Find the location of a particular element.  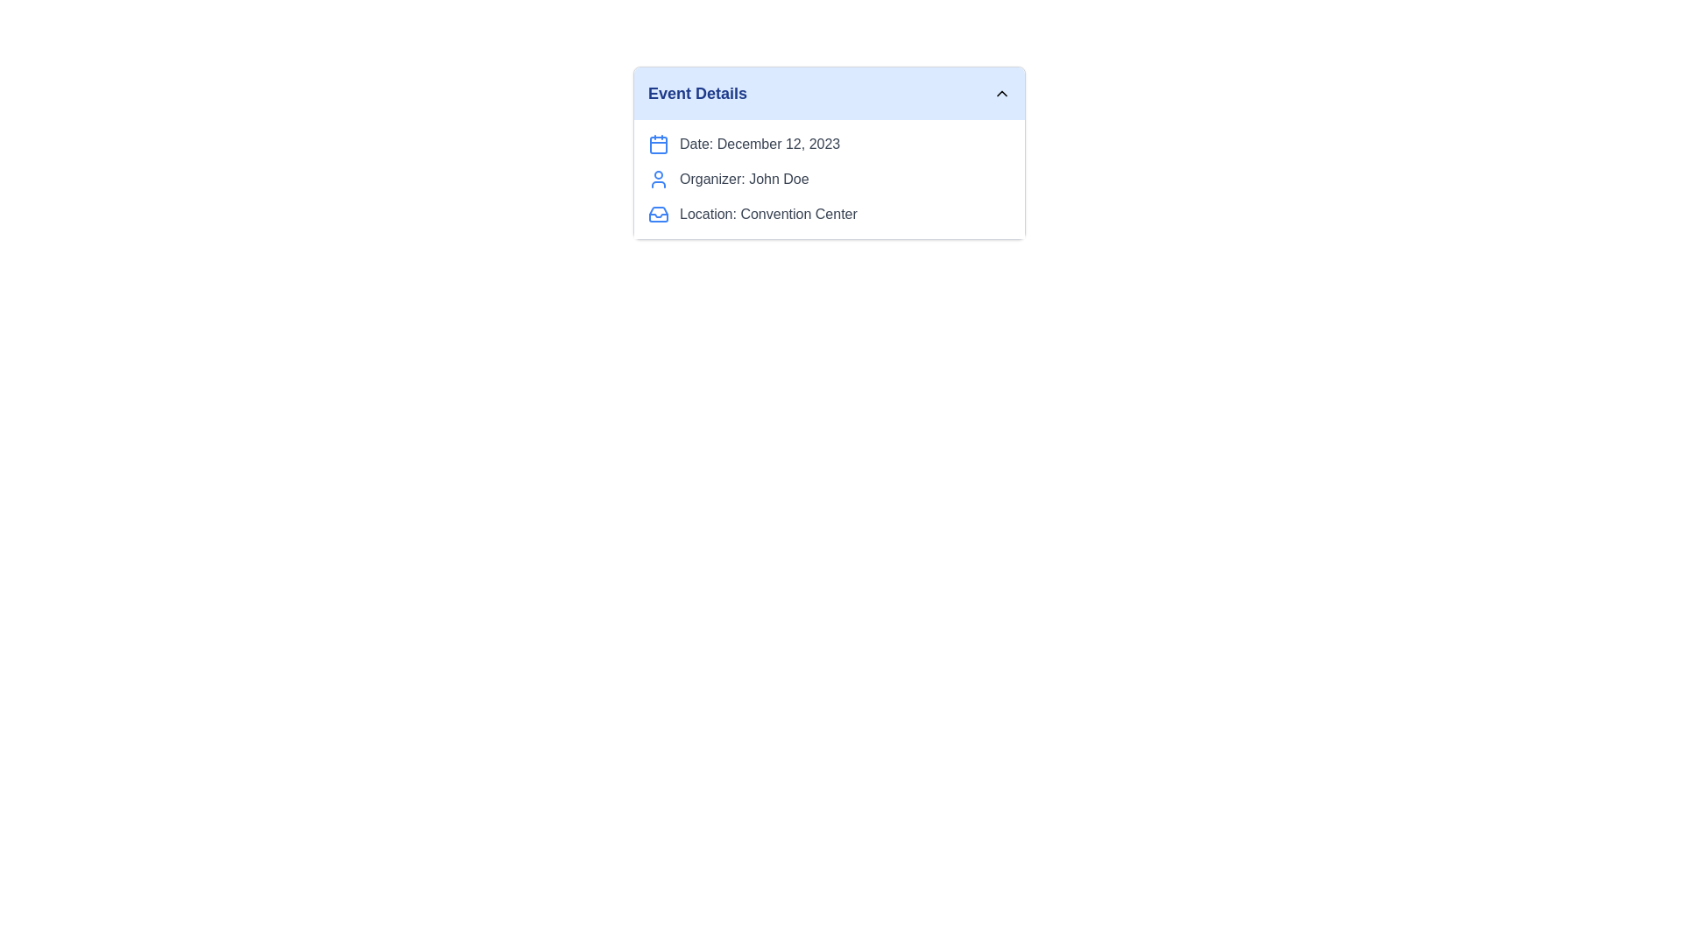

the text label that informs users about the location of the event, positioned under the heading 'Event Details' is located at coordinates (768, 214).